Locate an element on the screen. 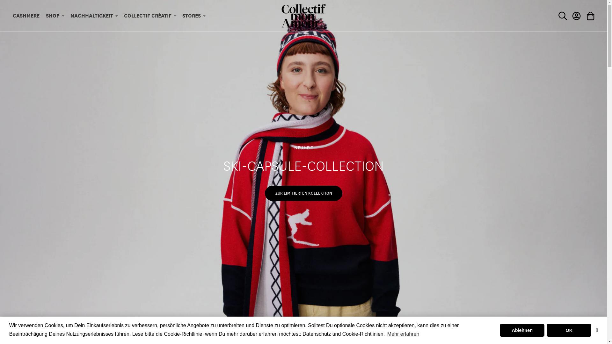 The image size is (612, 344). 'NACHHALTIGKEIT' is located at coordinates (93, 16).